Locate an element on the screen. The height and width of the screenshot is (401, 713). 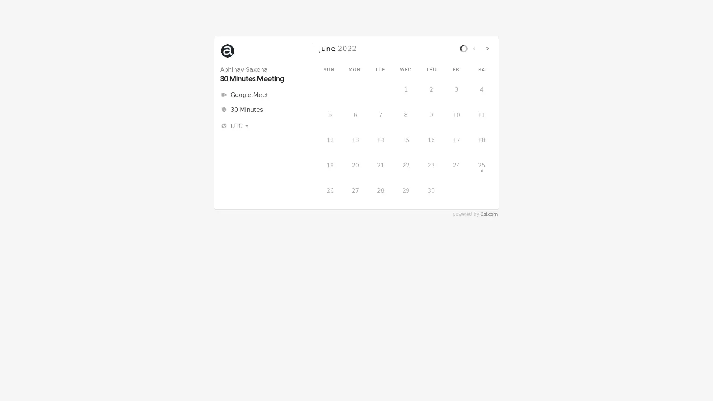
17 is located at coordinates (456, 140).